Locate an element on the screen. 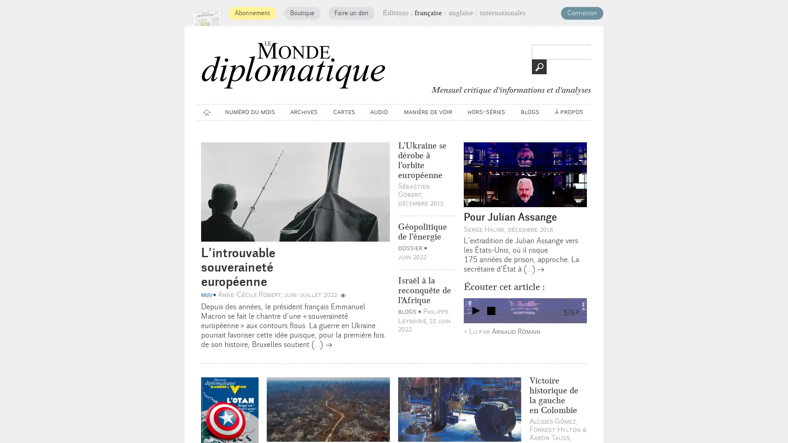  >> is located at coordinates (583, 52).